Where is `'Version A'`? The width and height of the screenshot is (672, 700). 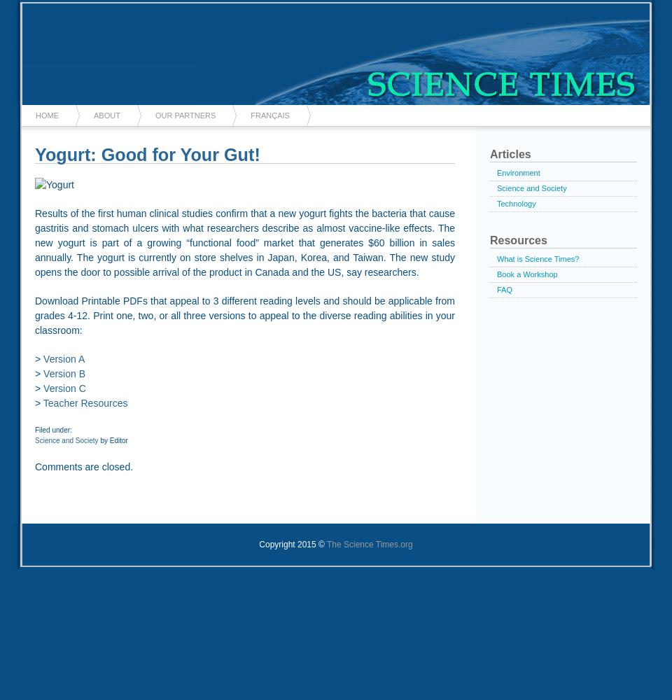 'Version A' is located at coordinates (43, 358).